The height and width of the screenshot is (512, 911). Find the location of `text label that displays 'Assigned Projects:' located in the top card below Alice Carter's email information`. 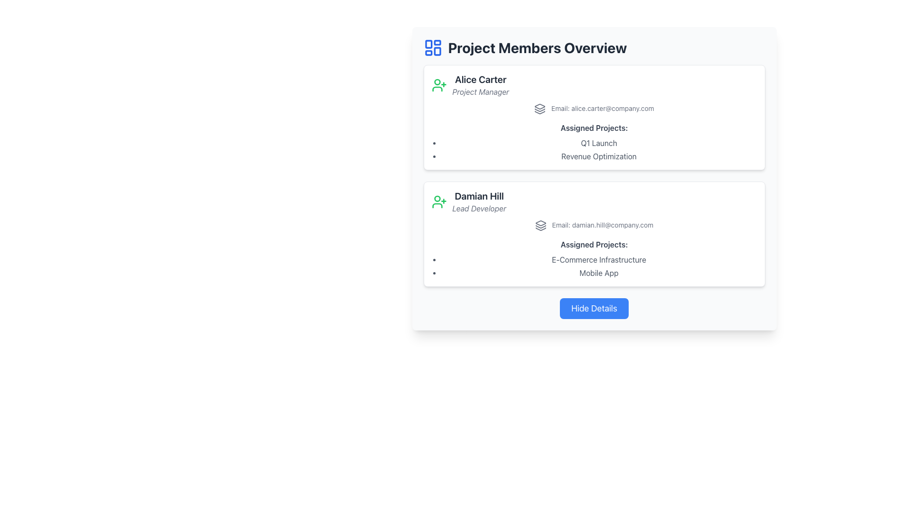

text label that displays 'Assigned Projects:' located in the top card below Alice Carter's email information is located at coordinates (594, 128).